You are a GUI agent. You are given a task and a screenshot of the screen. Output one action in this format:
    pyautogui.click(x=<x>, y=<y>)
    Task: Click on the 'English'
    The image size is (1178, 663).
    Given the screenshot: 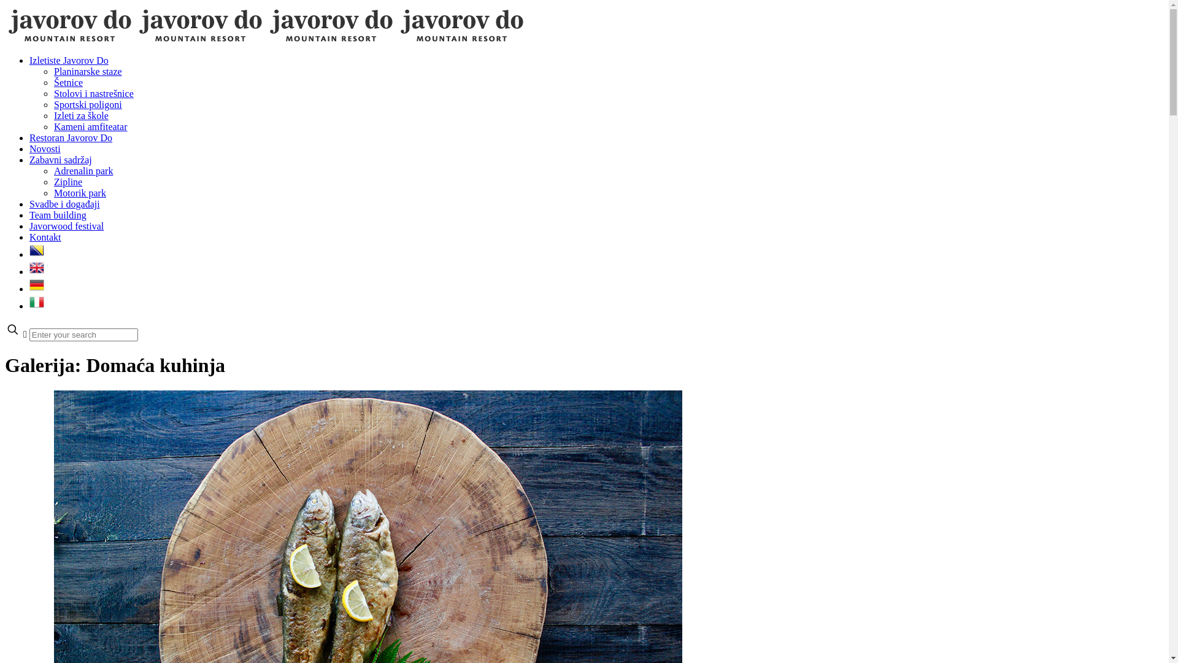 What is the action you would take?
    pyautogui.click(x=36, y=271)
    